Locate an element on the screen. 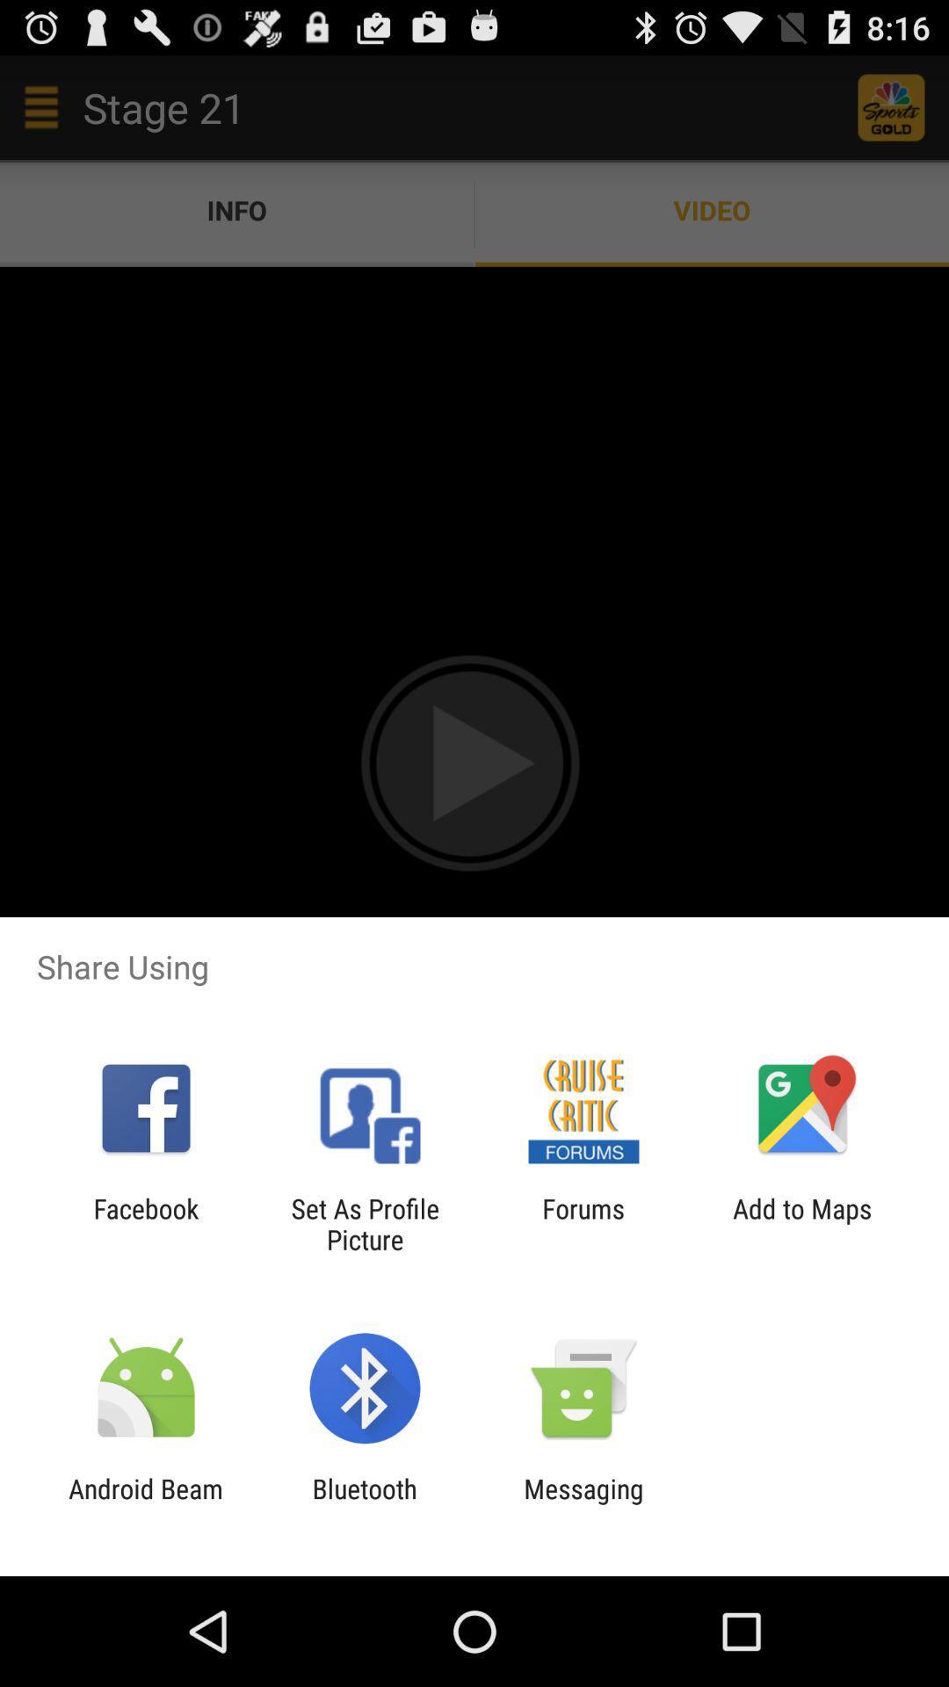 The height and width of the screenshot is (1687, 949). set as profile icon is located at coordinates (364, 1223).